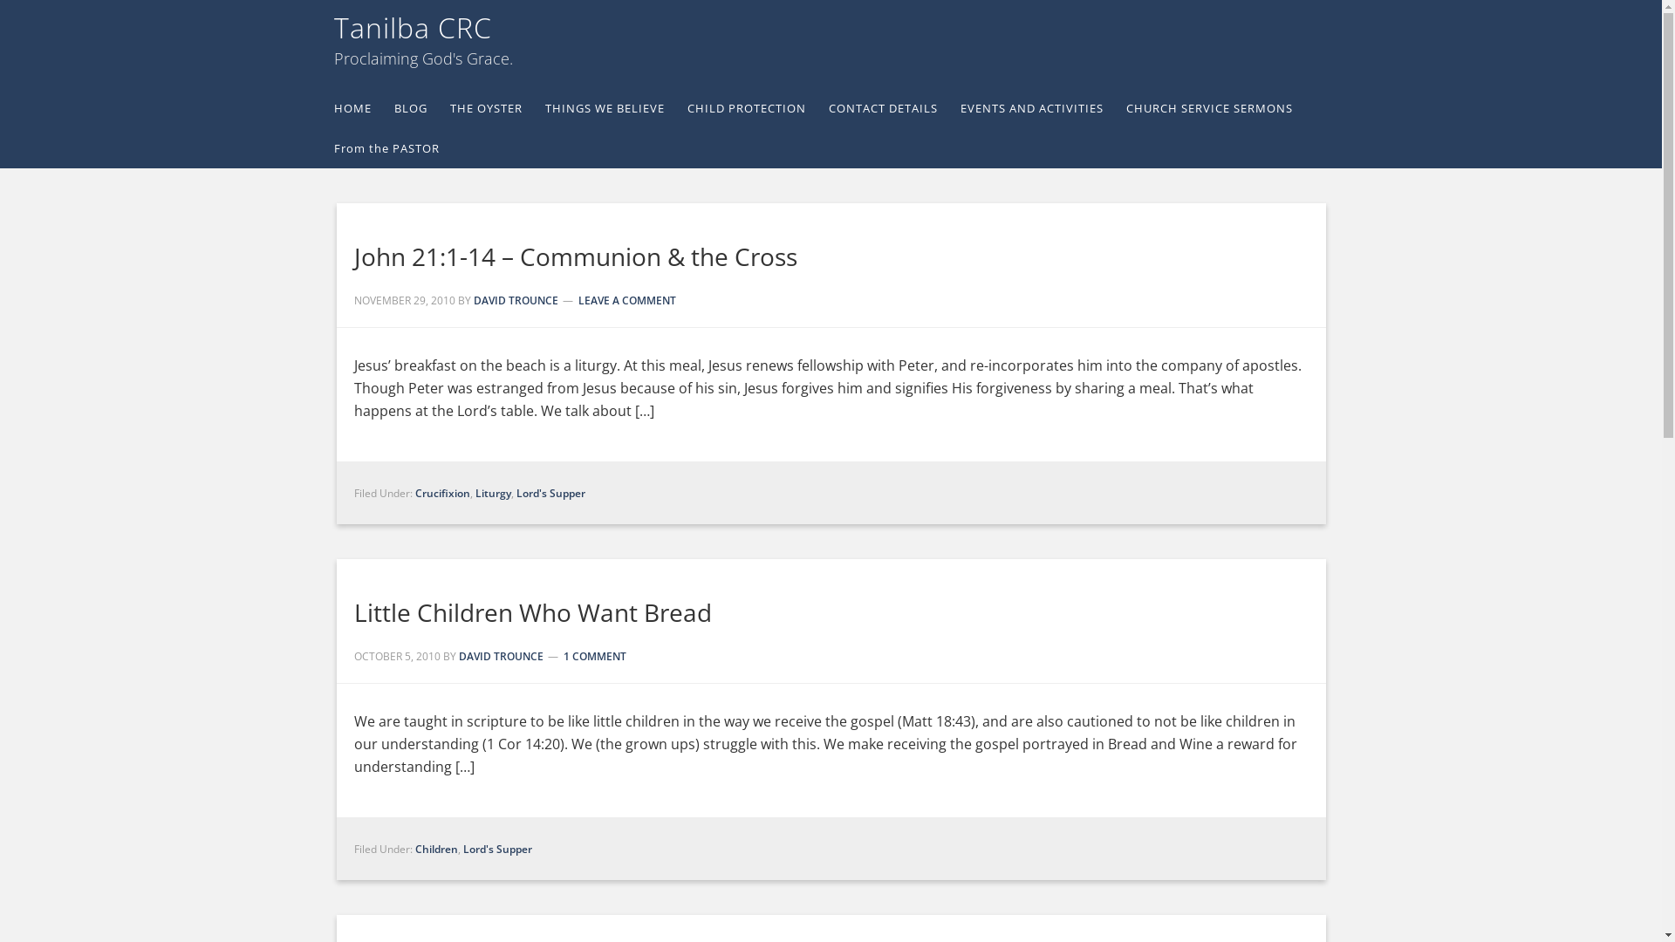  I want to click on 'Liturgy', so click(491, 492).